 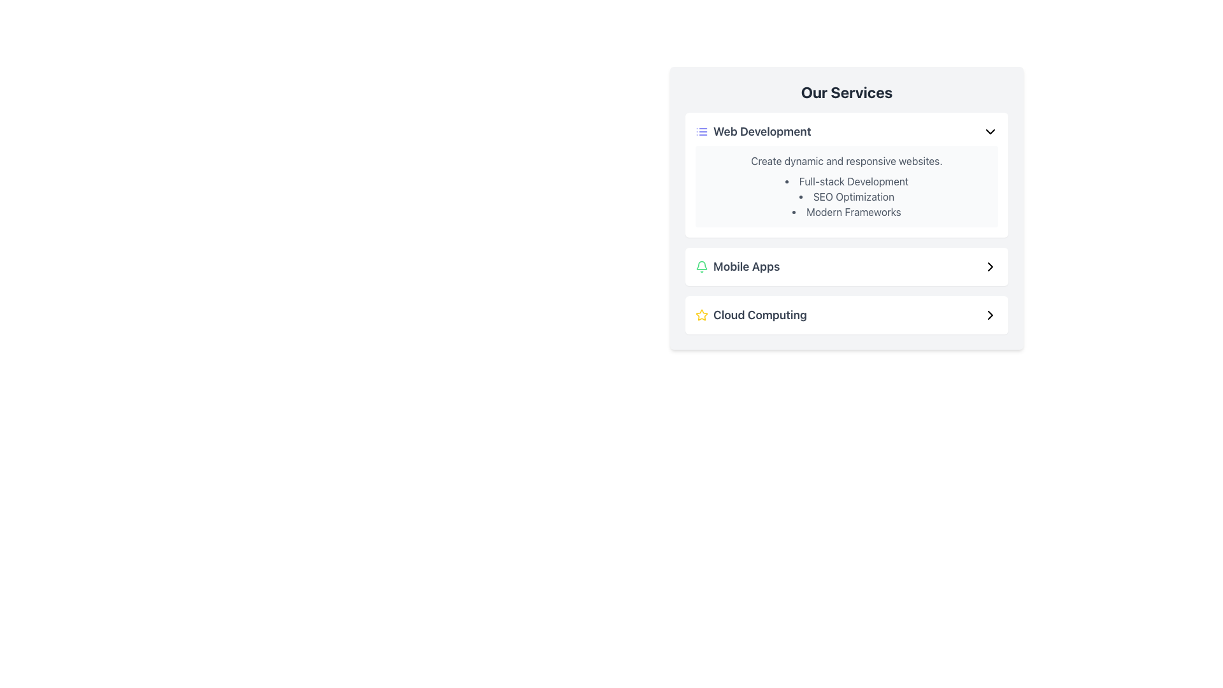 What do you see at coordinates (990, 315) in the screenshot?
I see `the right-pointing chevron icon located in the 'Cloud Computing' section of the 'Our Services' panel` at bounding box center [990, 315].